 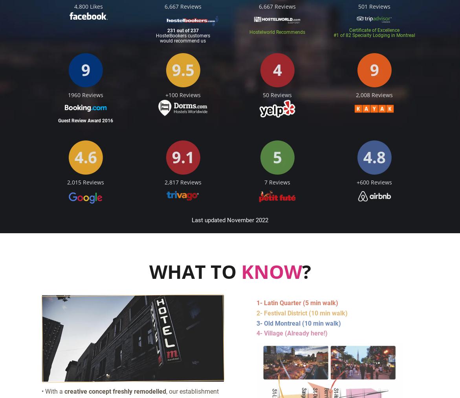 I want to click on 'Guest Review Award 2016', so click(x=85, y=120).